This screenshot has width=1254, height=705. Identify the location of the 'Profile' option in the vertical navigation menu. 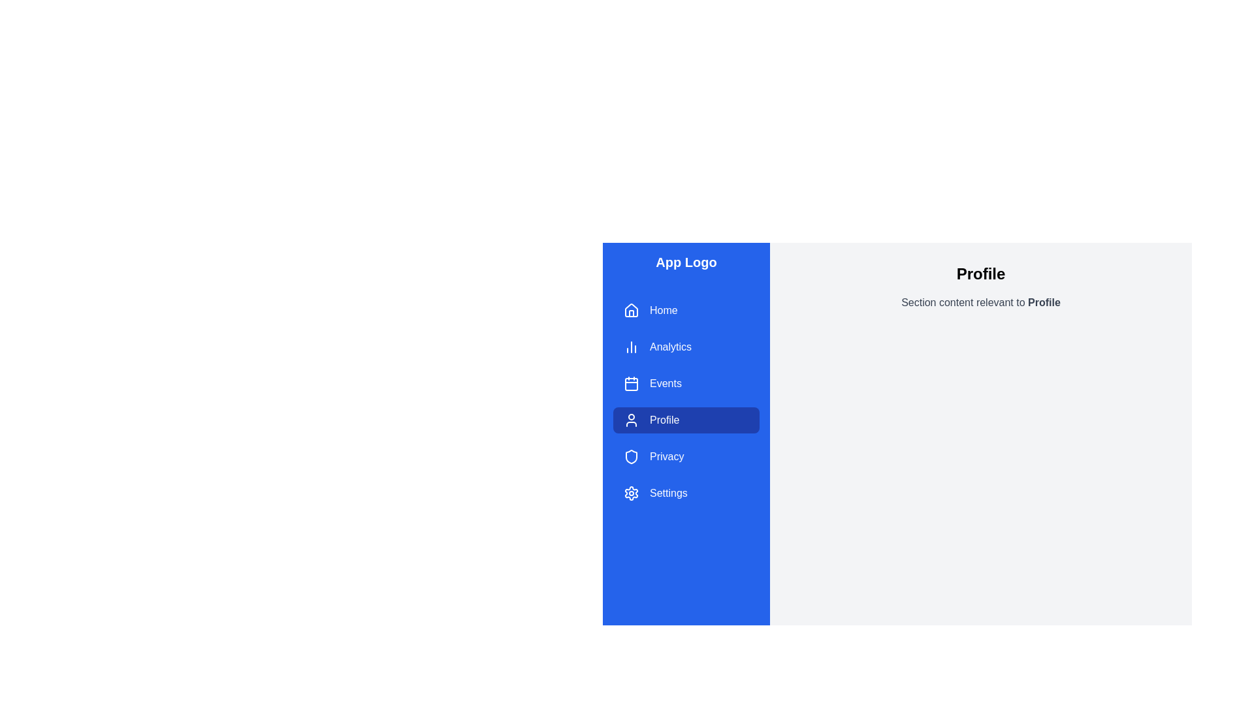
(686, 401).